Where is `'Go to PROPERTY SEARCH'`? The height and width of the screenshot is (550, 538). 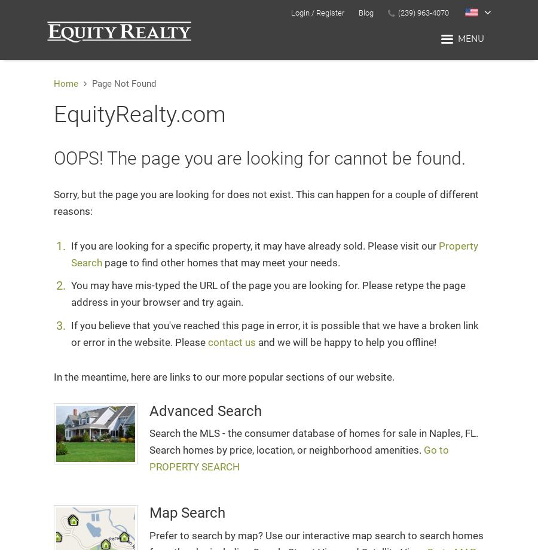 'Go to PROPERTY SEARCH' is located at coordinates (298, 458).